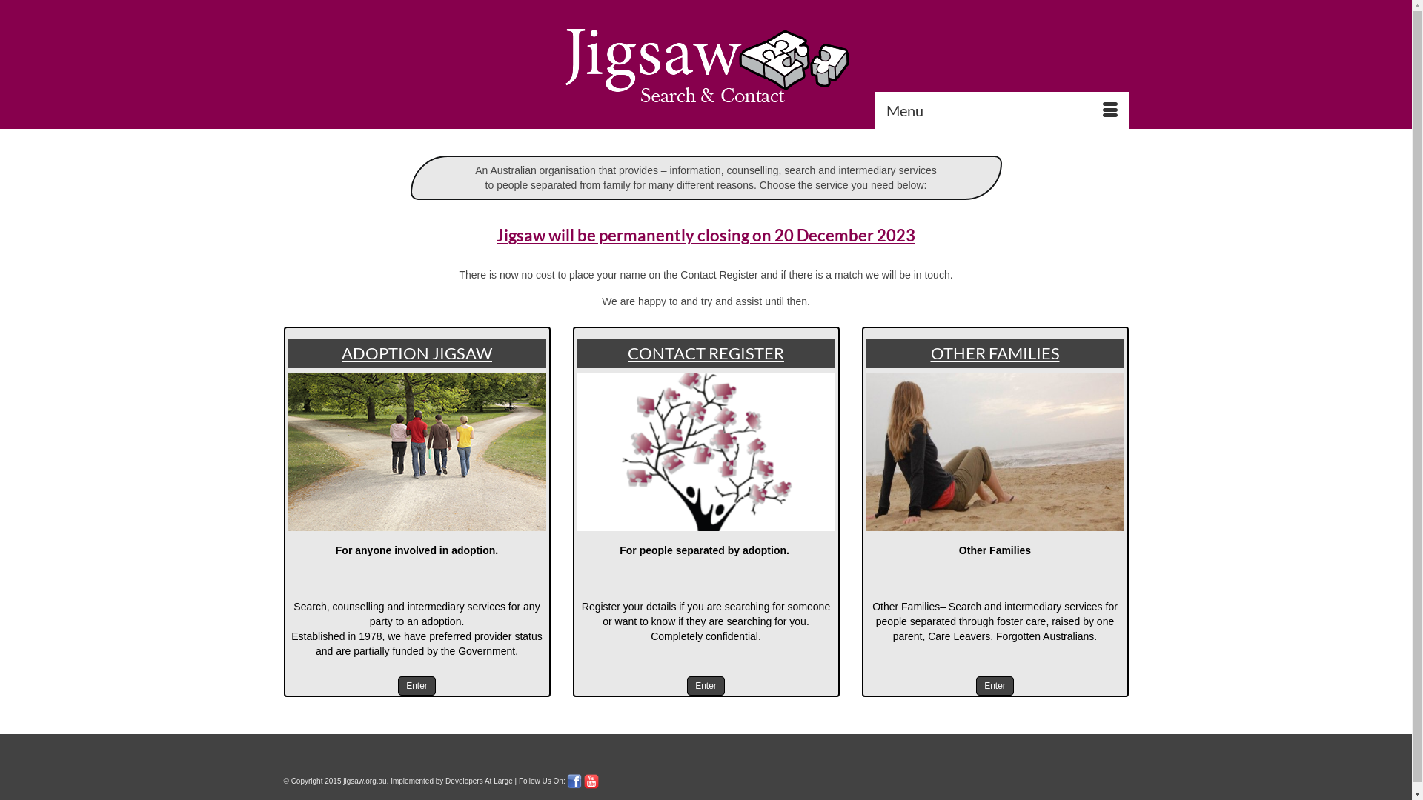  What do you see at coordinates (444, 780) in the screenshot?
I see `'Developers At Large'` at bounding box center [444, 780].